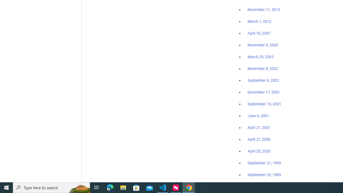 This screenshot has width=343, height=193. What do you see at coordinates (259, 21) in the screenshot?
I see `'March 1, 2012'` at bounding box center [259, 21].